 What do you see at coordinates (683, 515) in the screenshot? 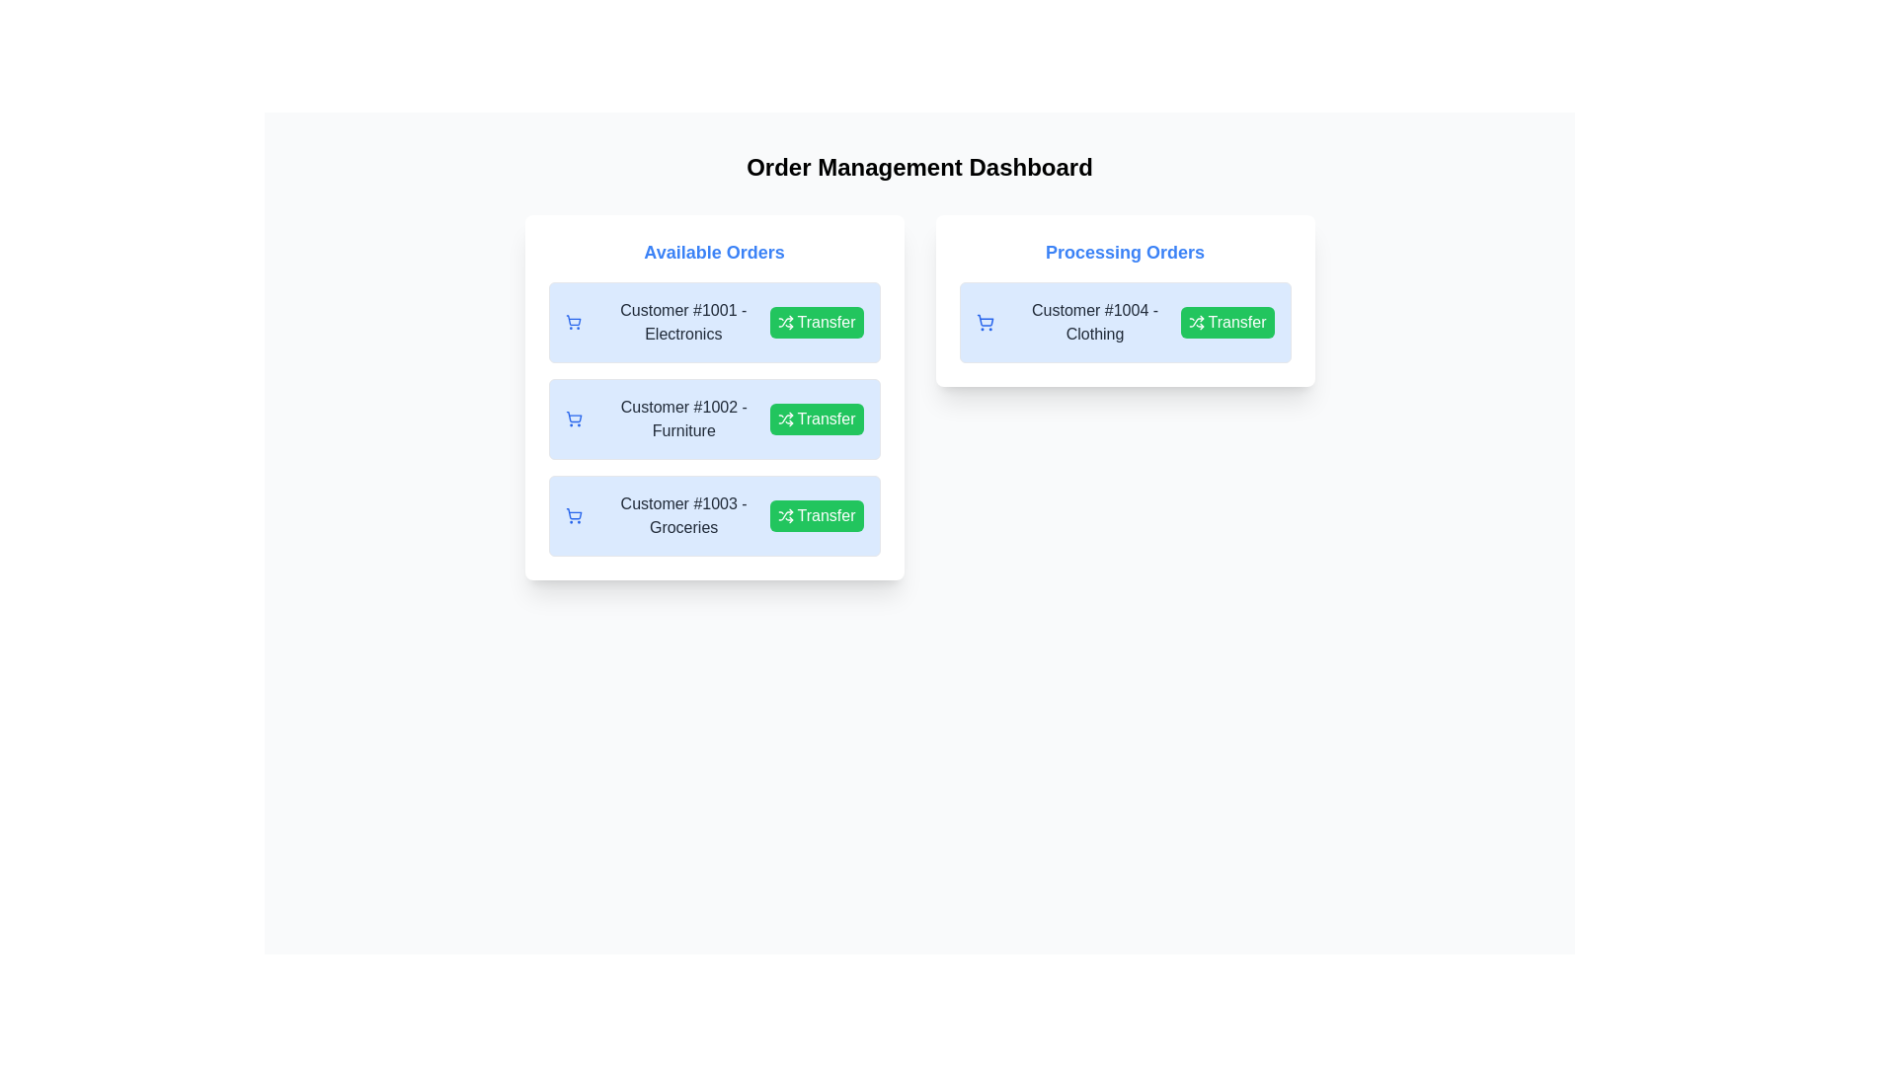
I see `the text label 'Customer #1003 - Groceries', which is styled in dark gray on a light blue background and is the third item in the 'Available Orders' list` at bounding box center [683, 515].